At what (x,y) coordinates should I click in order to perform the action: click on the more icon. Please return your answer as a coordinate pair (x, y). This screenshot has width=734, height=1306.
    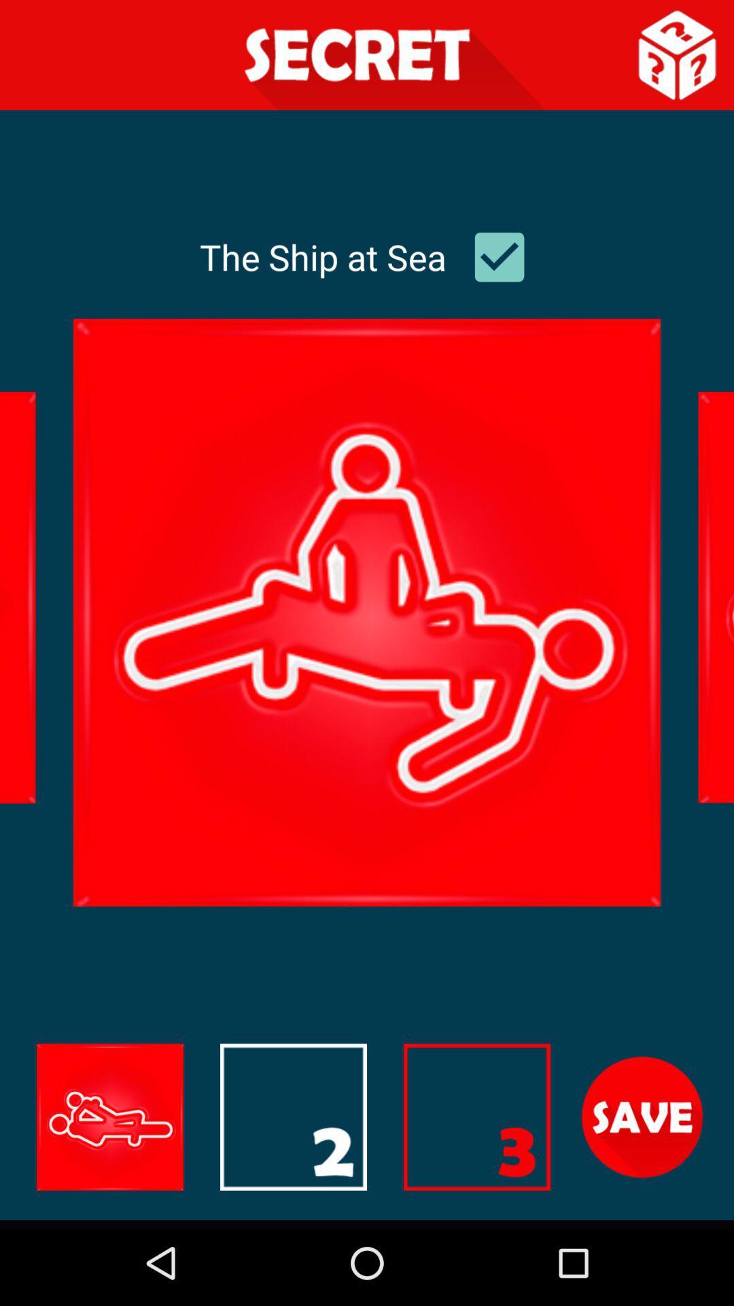
    Looking at the image, I should click on (476, 1194).